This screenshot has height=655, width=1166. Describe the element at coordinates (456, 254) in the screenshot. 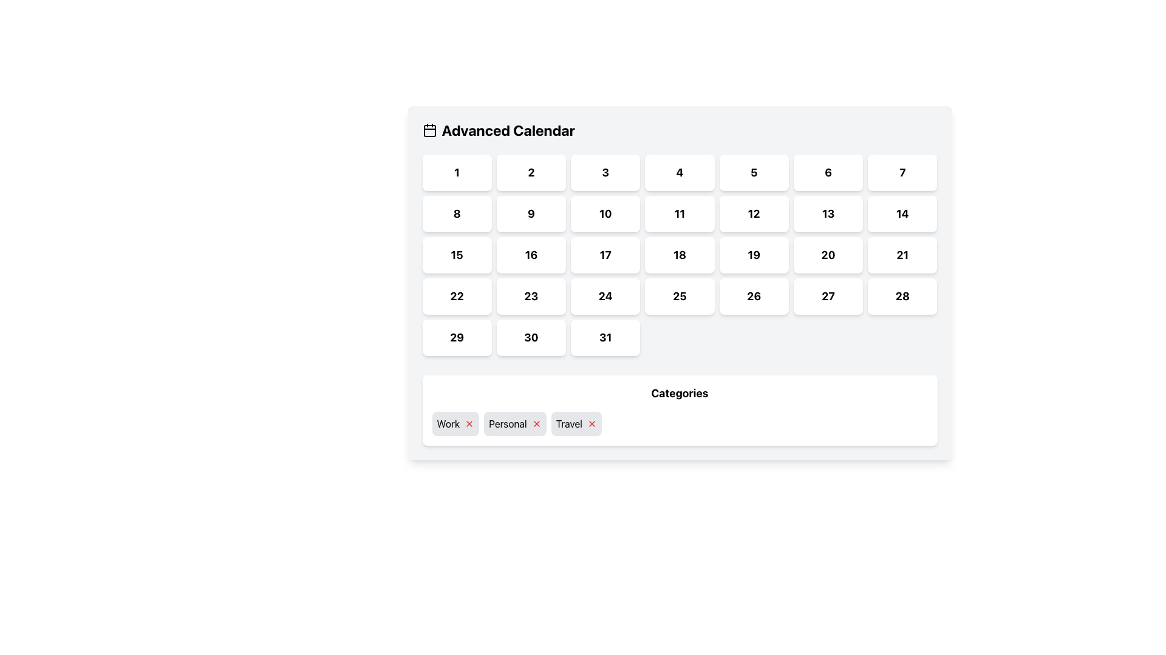

I see `the rectangular button with the bold number '15' in the Advanced Calendar section to trigger its highlighted state` at that location.